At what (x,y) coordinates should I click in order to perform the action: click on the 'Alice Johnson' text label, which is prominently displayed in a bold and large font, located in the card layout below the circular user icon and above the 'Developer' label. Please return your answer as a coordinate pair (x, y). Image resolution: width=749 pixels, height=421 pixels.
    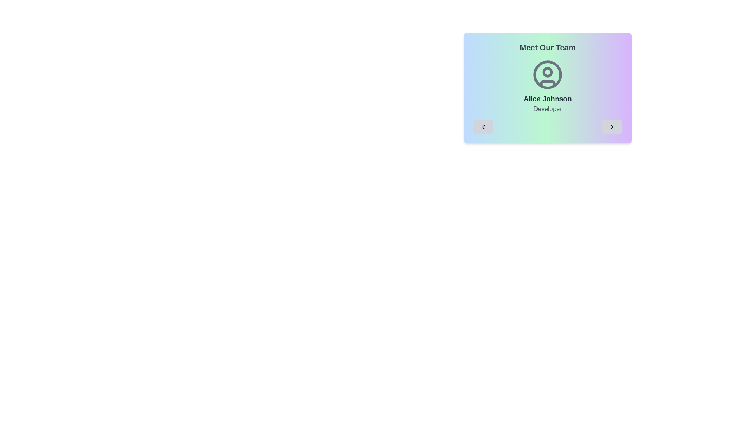
    Looking at the image, I should click on (547, 99).